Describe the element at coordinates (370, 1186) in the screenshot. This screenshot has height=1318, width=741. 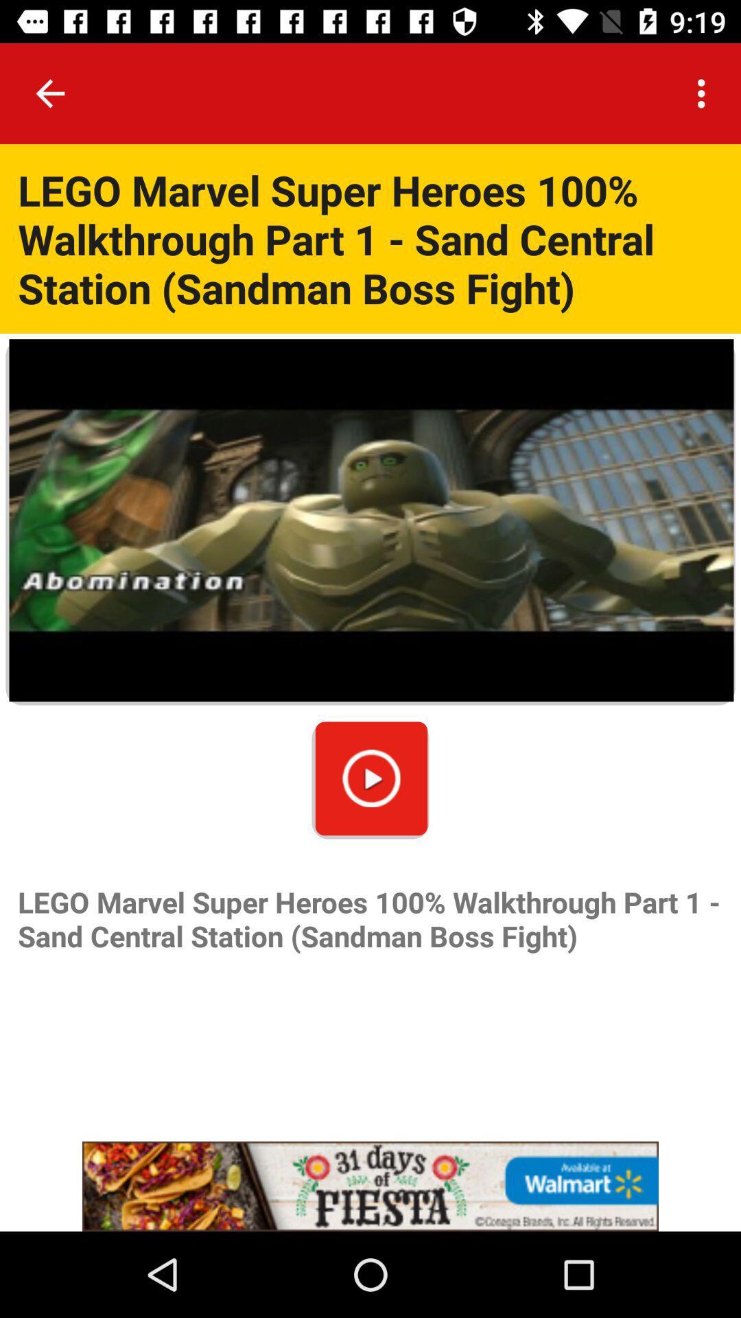
I see `advertisement` at that location.